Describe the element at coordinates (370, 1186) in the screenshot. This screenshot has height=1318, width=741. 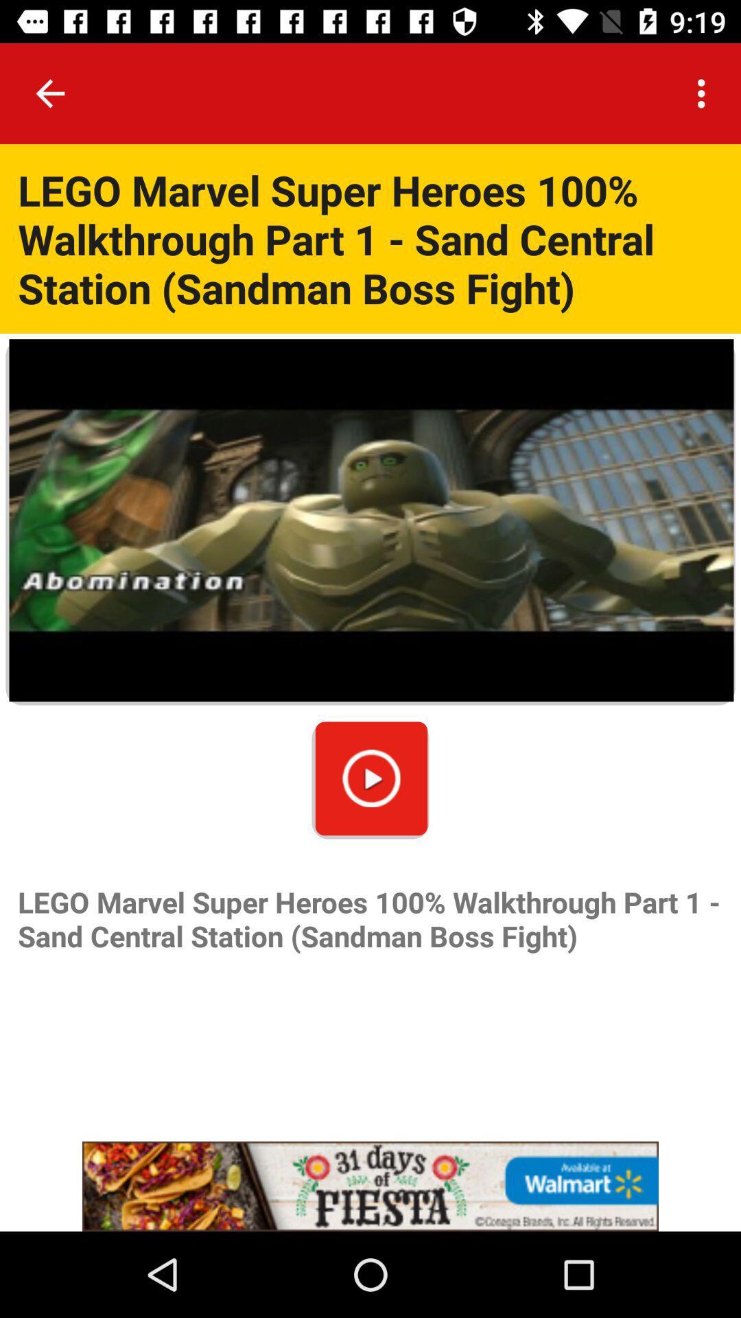
I see `advertisement` at that location.